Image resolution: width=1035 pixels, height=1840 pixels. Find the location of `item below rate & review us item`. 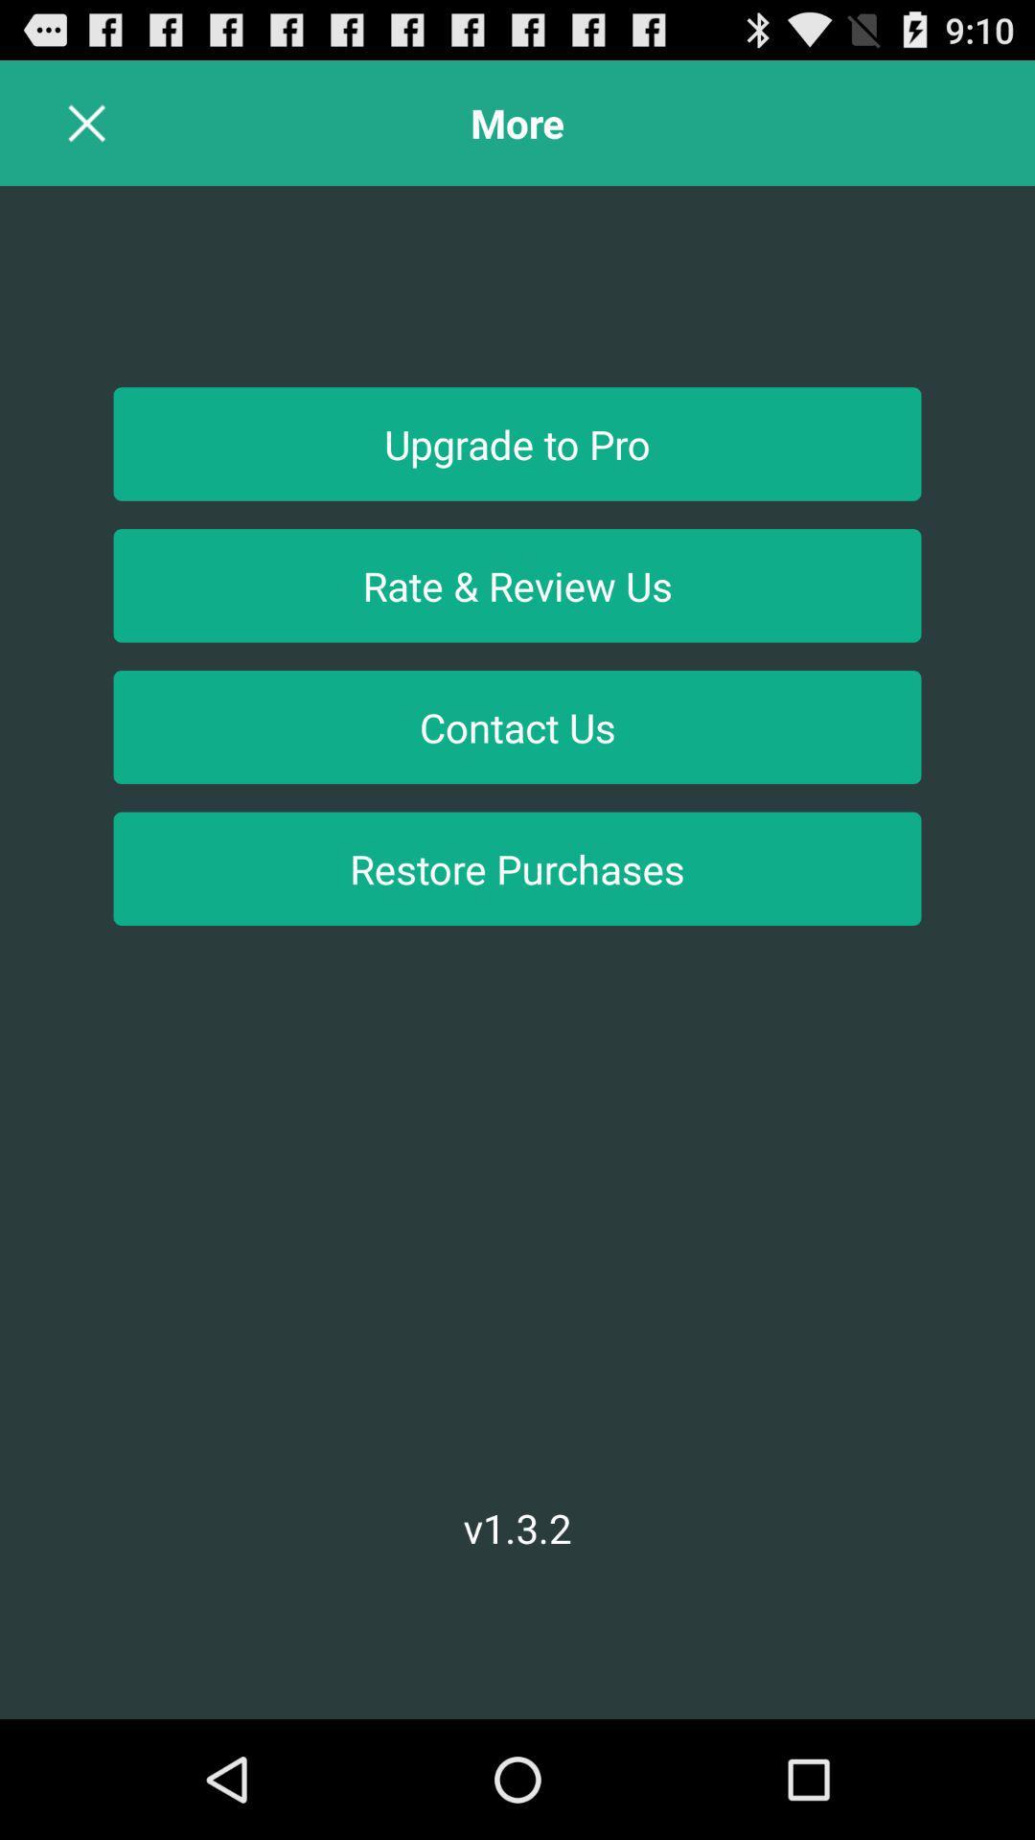

item below rate & review us item is located at coordinates (517, 725).